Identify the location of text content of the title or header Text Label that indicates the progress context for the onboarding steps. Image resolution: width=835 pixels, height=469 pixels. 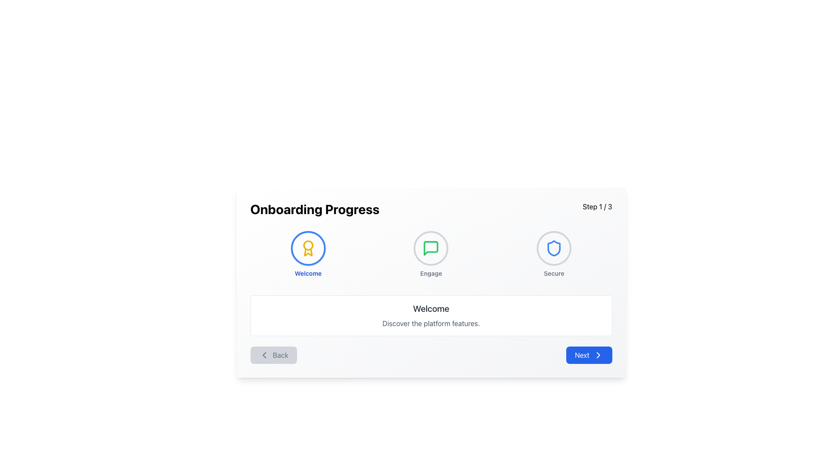
(314, 209).